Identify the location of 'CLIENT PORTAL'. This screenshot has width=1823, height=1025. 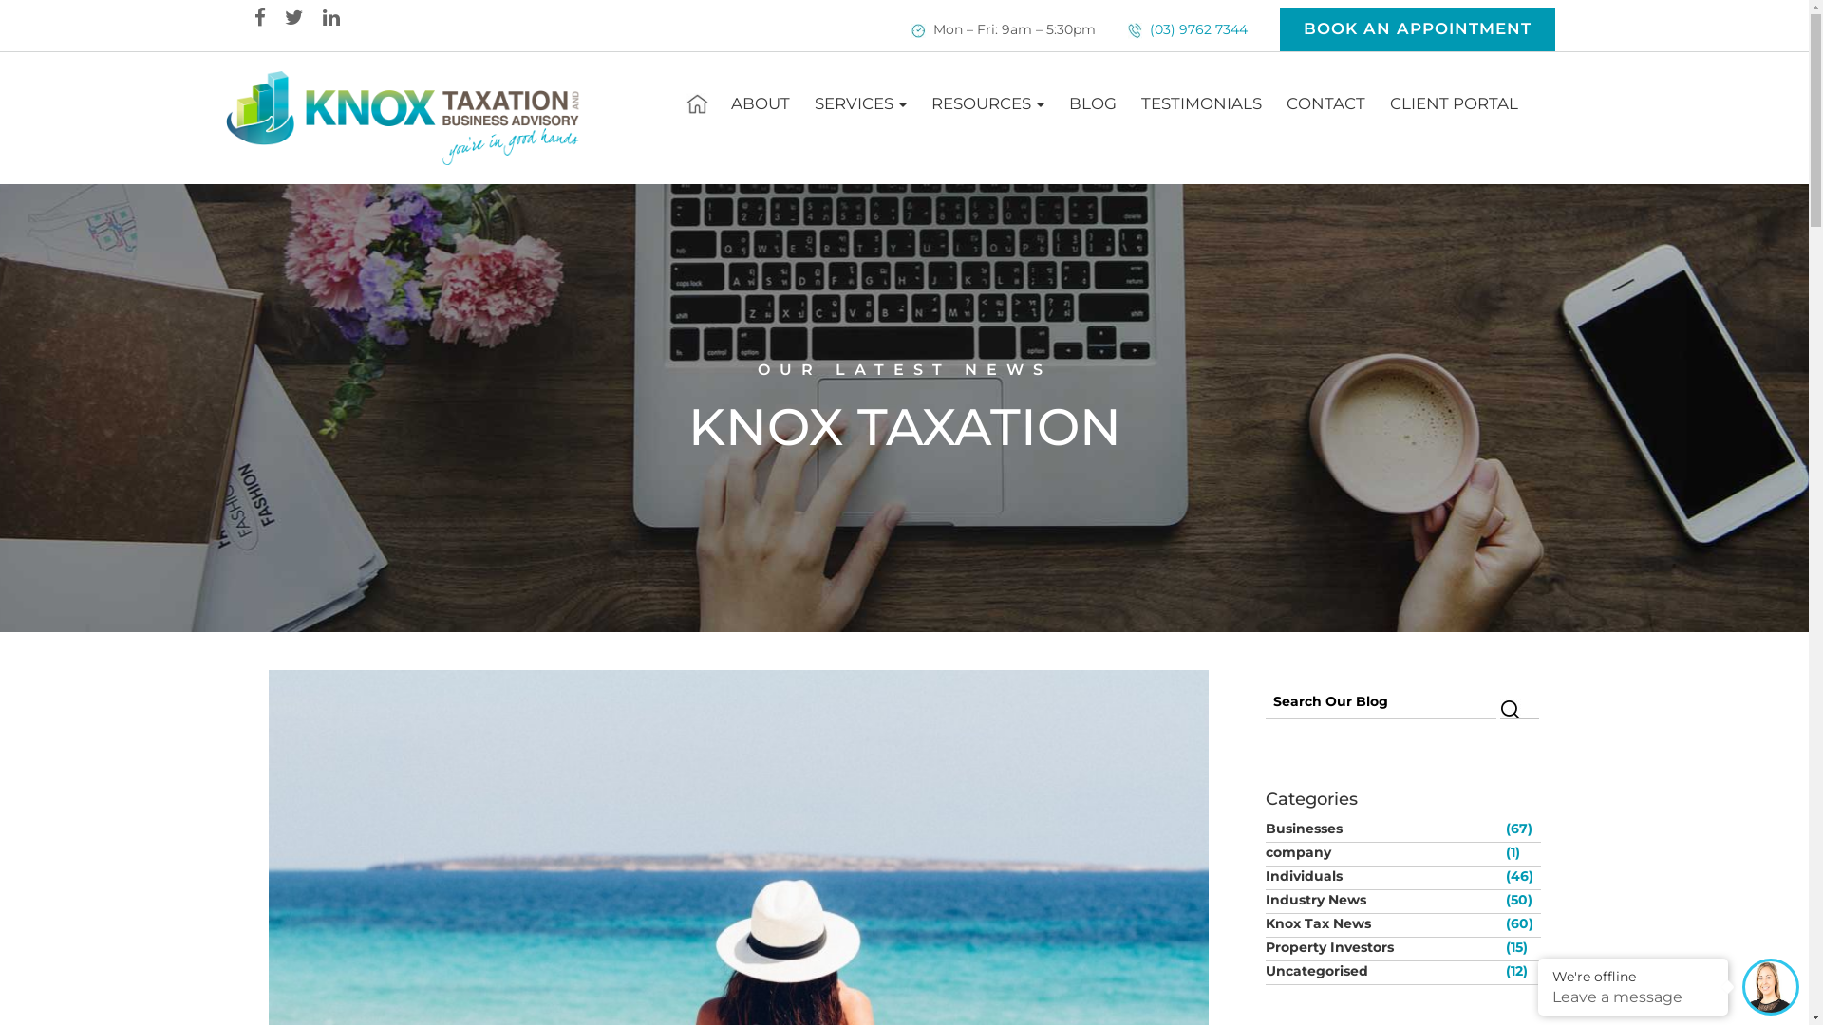
(1453, 102).